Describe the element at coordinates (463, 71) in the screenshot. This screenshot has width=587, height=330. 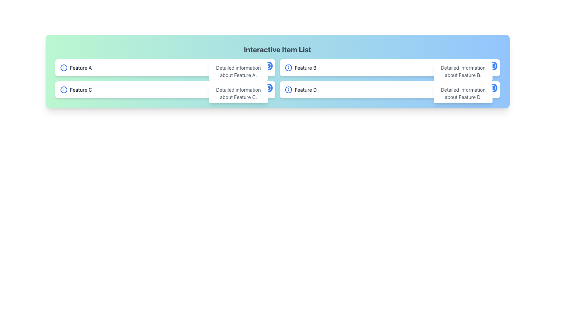
I see `the tooltip displaying 'Detailed information about Feature B.' positioned directly below the 'Feature B' label` at that location.